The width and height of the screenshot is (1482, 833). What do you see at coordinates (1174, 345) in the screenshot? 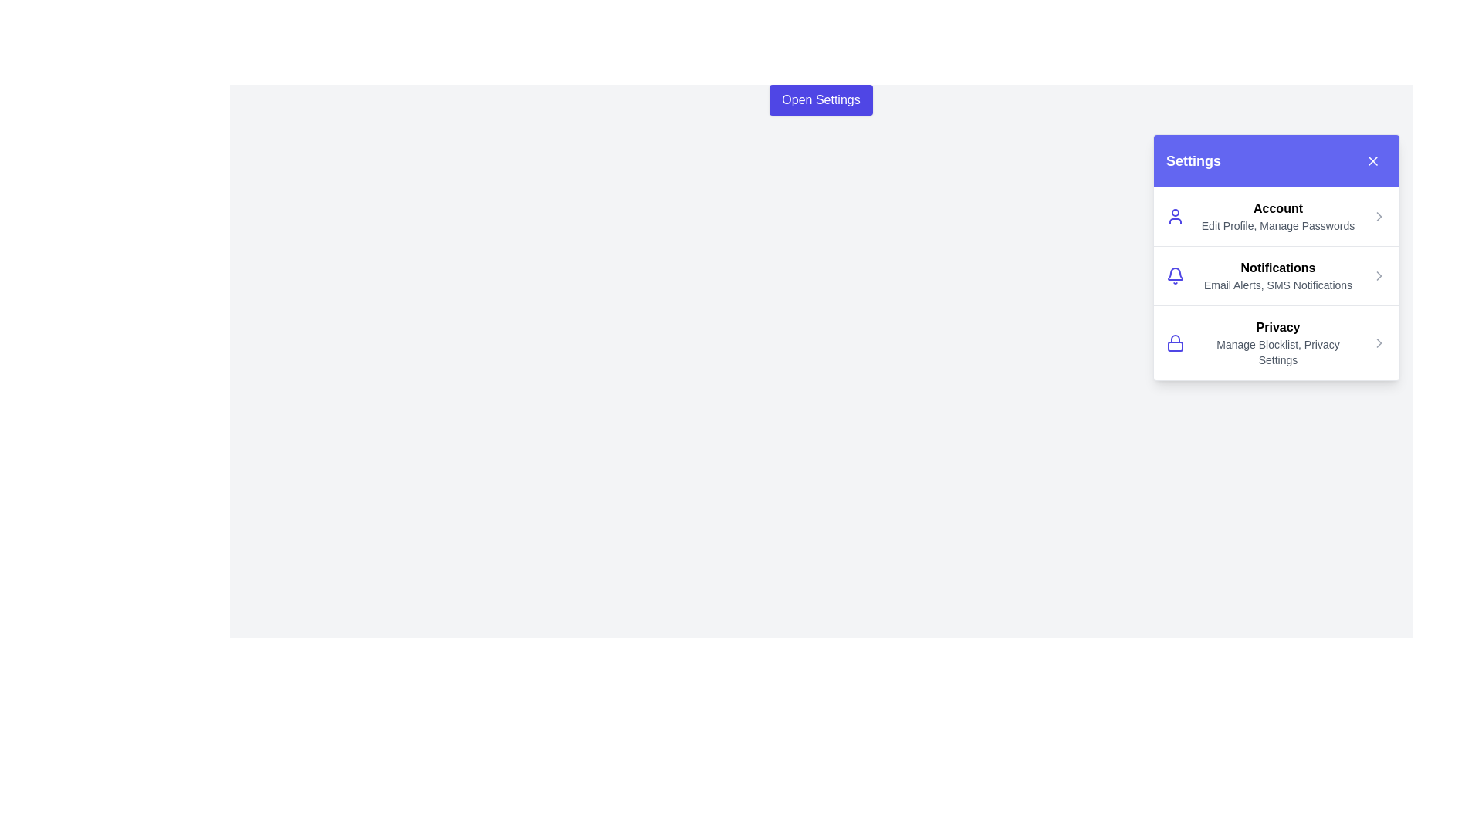
I see `the lock icon component located in the 'Privacy' section of the settings menu, positioned at the bottom of the icon, representing security or privacy` at bounding box center [1174, 345].